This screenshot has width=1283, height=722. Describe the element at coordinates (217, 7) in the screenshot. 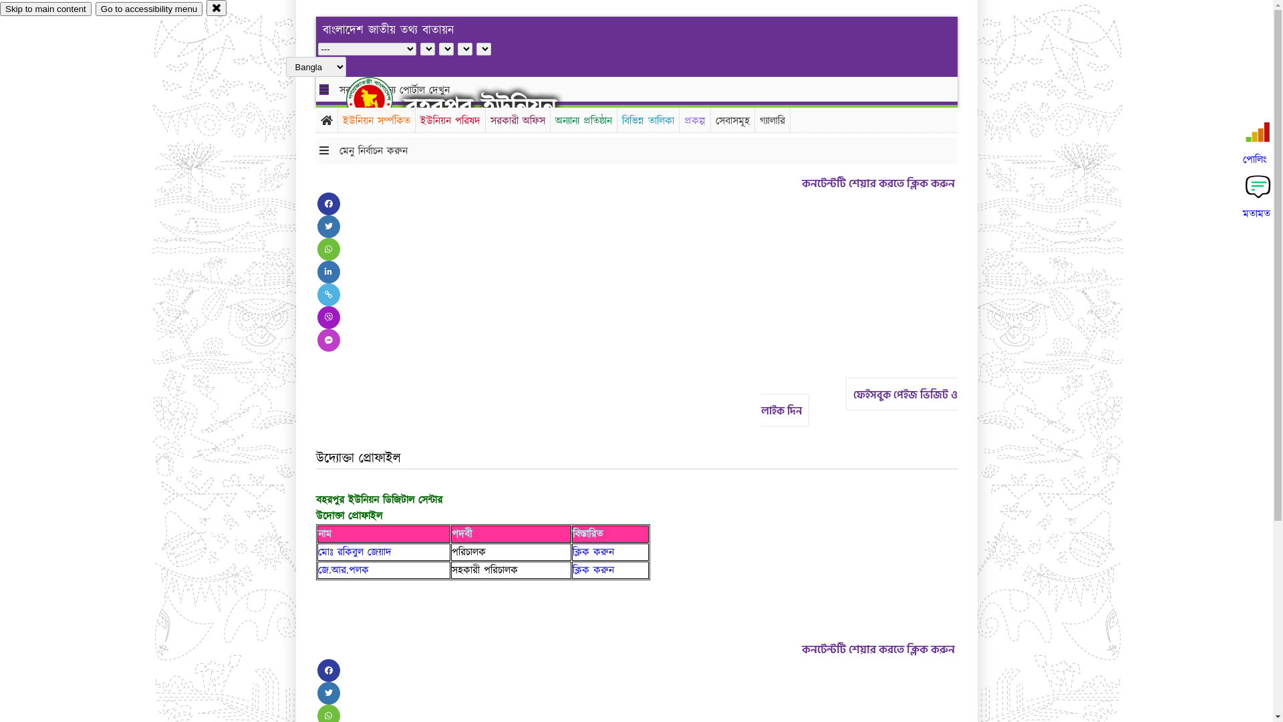

I see `'close'` at that location.